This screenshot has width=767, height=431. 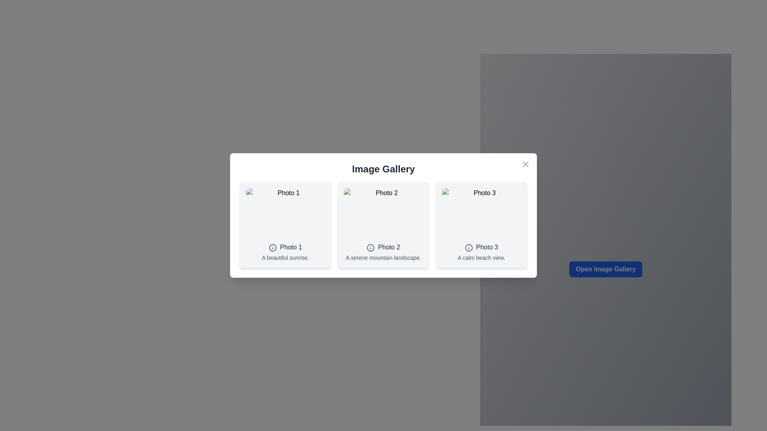 What do you see at coordinates (469, 247) in the screenshot?
I see `the circular element that is part of the 'info' icon located in the third card, positioned below the image placeholder and to the left of the 'Photo 3' title` at bounding box center [469, 247].